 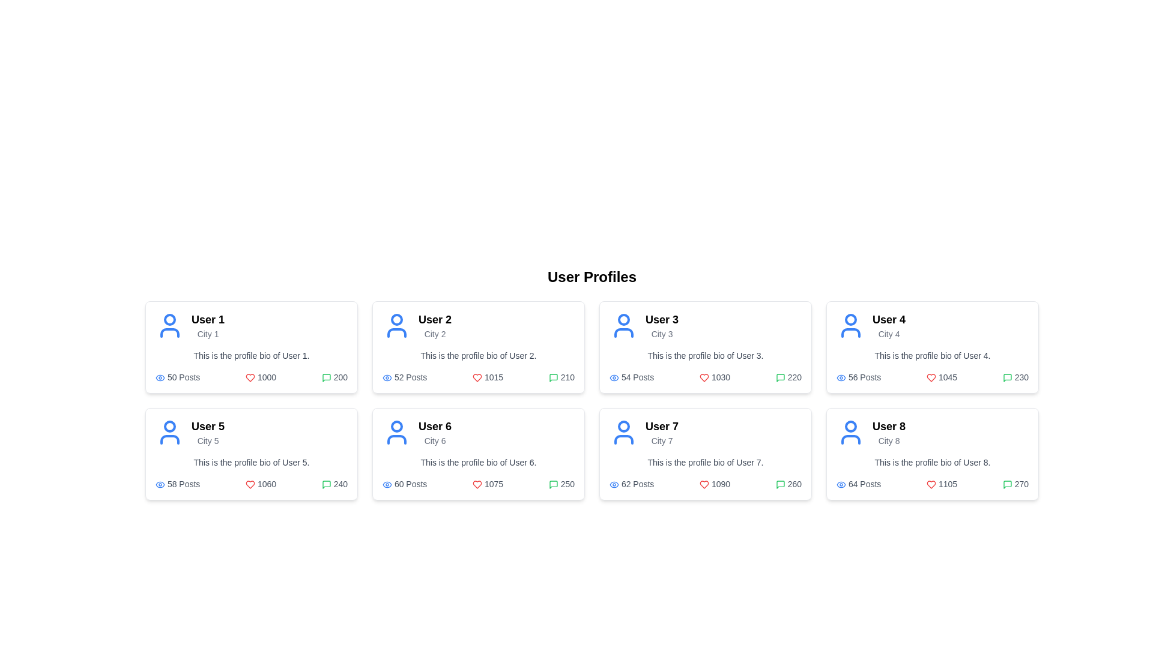 What do you see at coordinates (169, 439) in the screenshot?
I see `the bottom part of the user profile avatar icon for 'User 5' which represents the shoulders or base of the avatar silhouette` at bounding box center [169, 439].